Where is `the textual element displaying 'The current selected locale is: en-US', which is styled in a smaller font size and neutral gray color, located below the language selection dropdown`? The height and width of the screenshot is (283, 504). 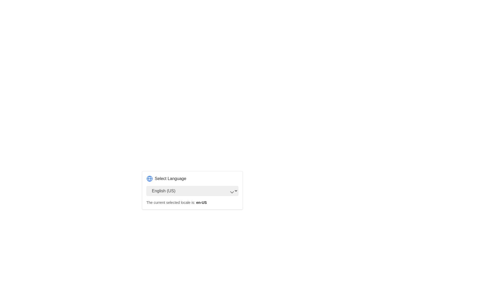 the textual element displaying 'The current selected locale is: en-US', which is styled in a smaller font size and neutral gray color, located below the language selection dropdown is located at coordinates (176, 202).